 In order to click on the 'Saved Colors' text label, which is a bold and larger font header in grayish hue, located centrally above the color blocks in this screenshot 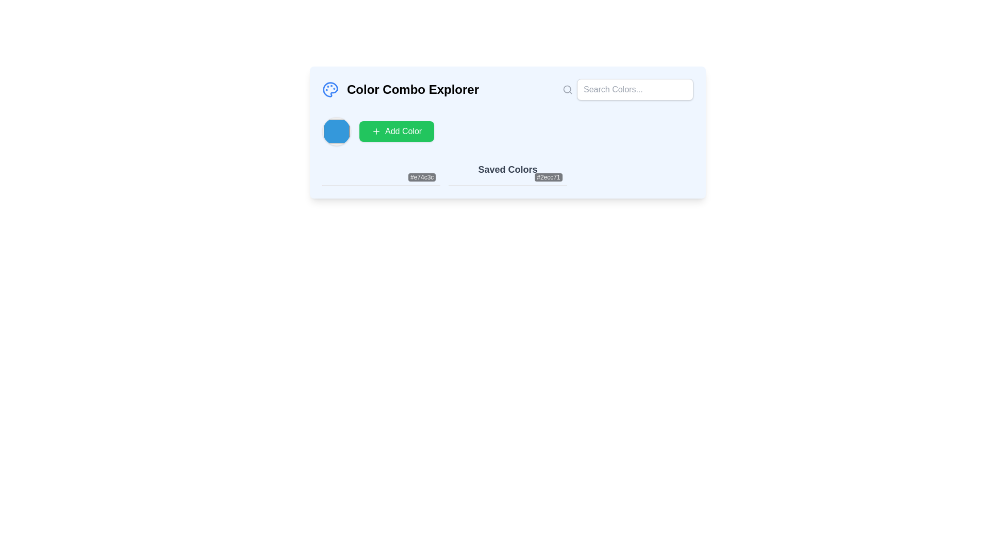, I will do `click(507, 174)`.